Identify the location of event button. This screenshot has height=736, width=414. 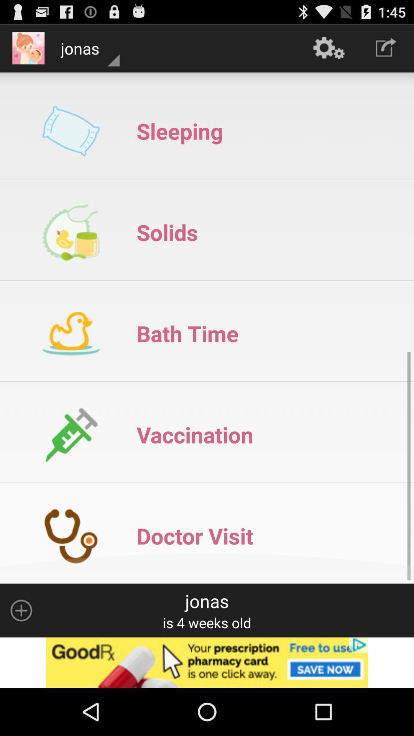
(21, 610).